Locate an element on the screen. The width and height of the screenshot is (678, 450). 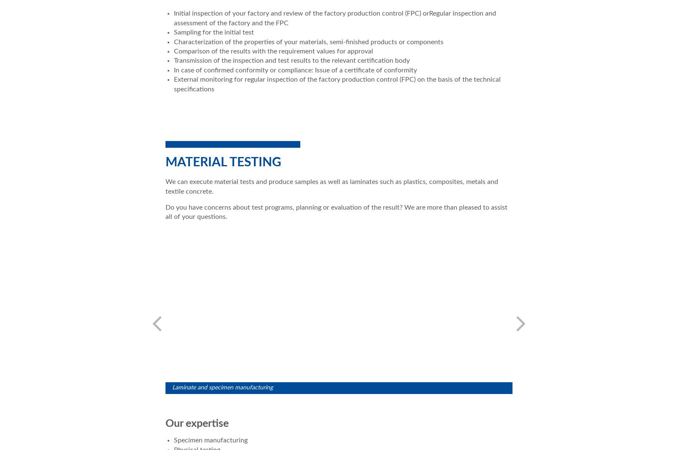
'Specimen manufacturing' is located at coordinates (211, 440).